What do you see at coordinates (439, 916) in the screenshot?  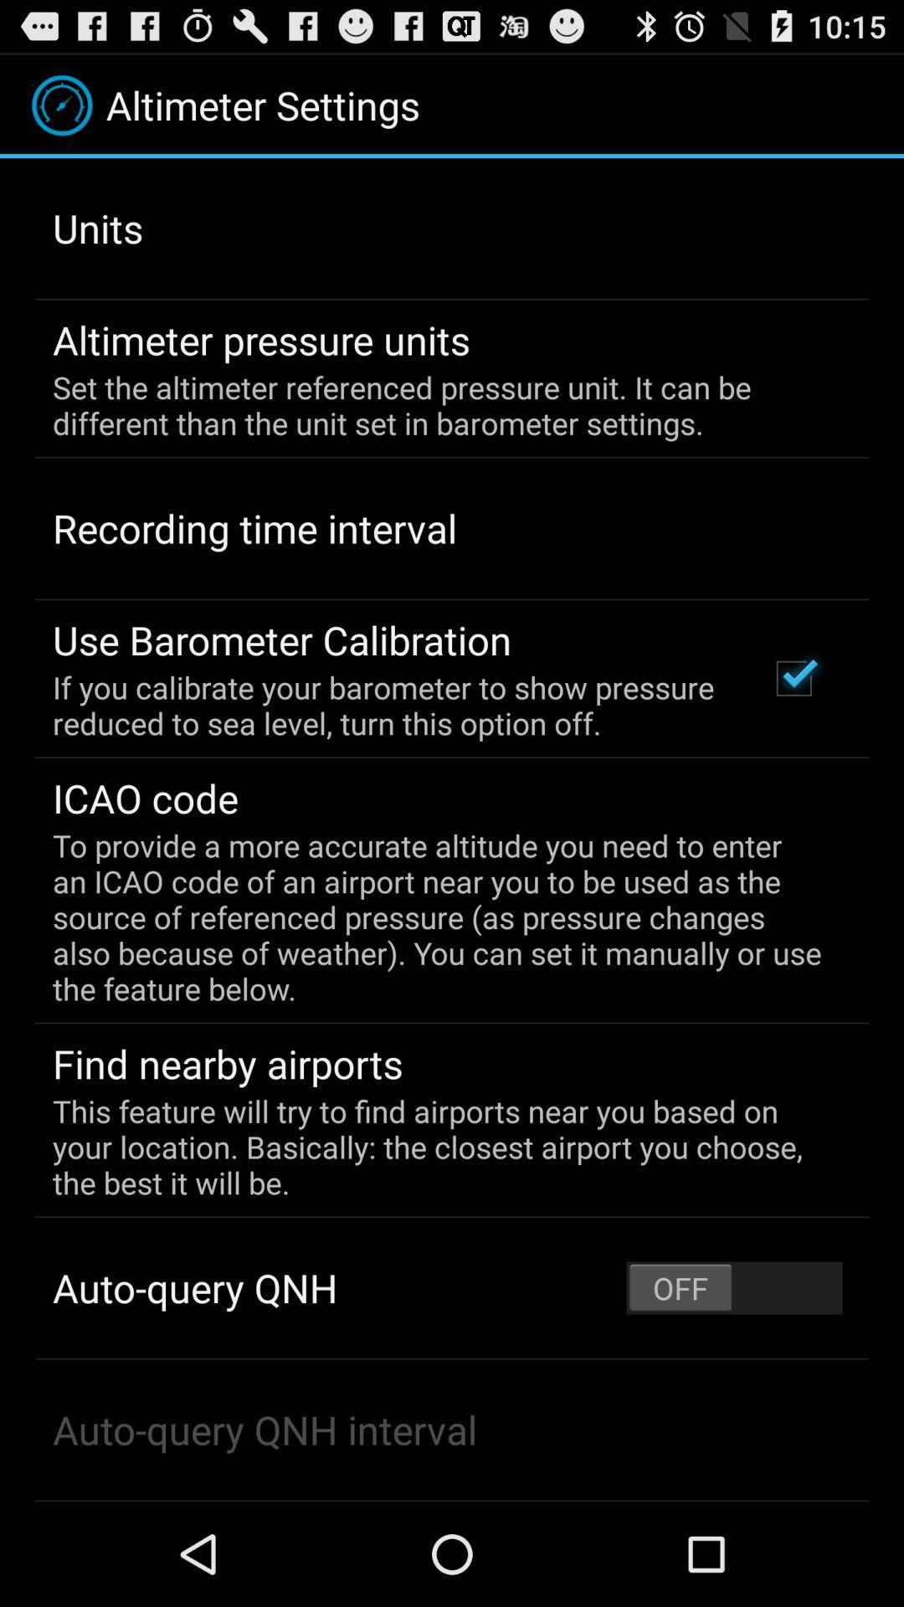 I see `the to provide a item` at bounding box center [439, 916].